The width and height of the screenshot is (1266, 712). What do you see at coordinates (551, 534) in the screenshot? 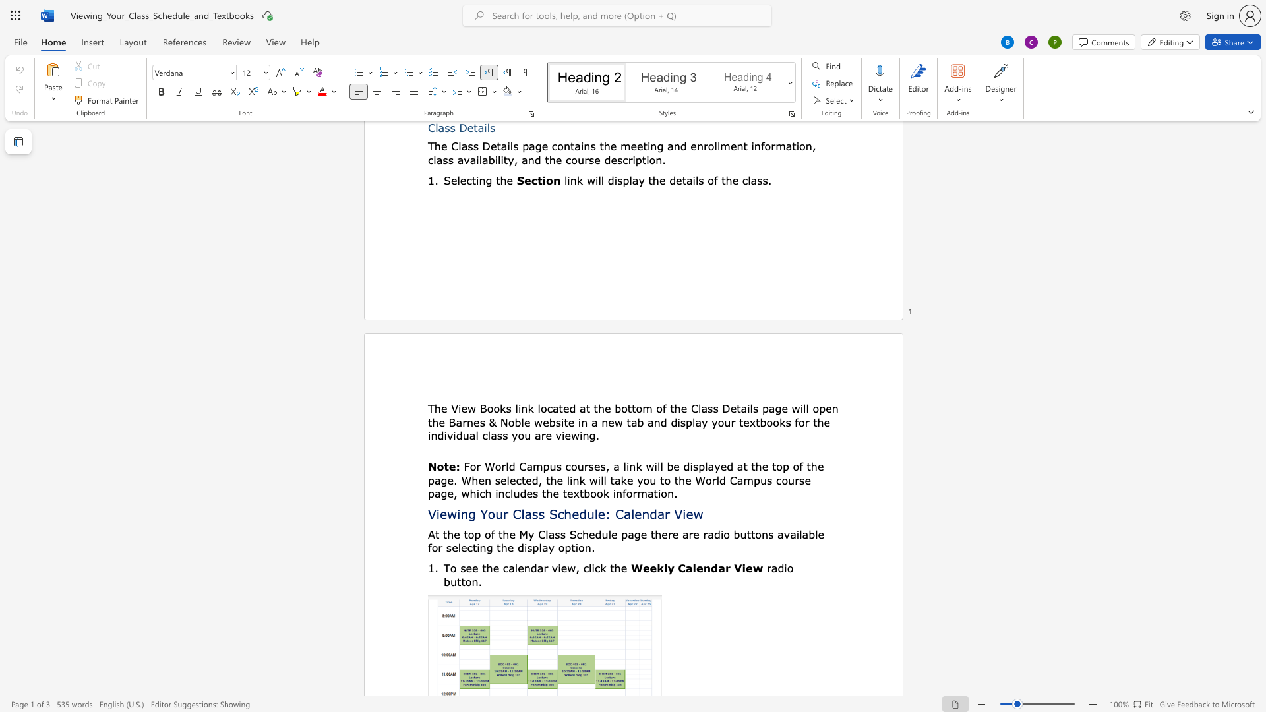
I see `the 1th character "a" in the text` at bounding box center [551, 534].